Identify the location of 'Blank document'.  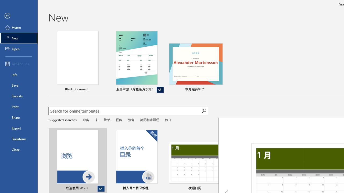
(77, 62).